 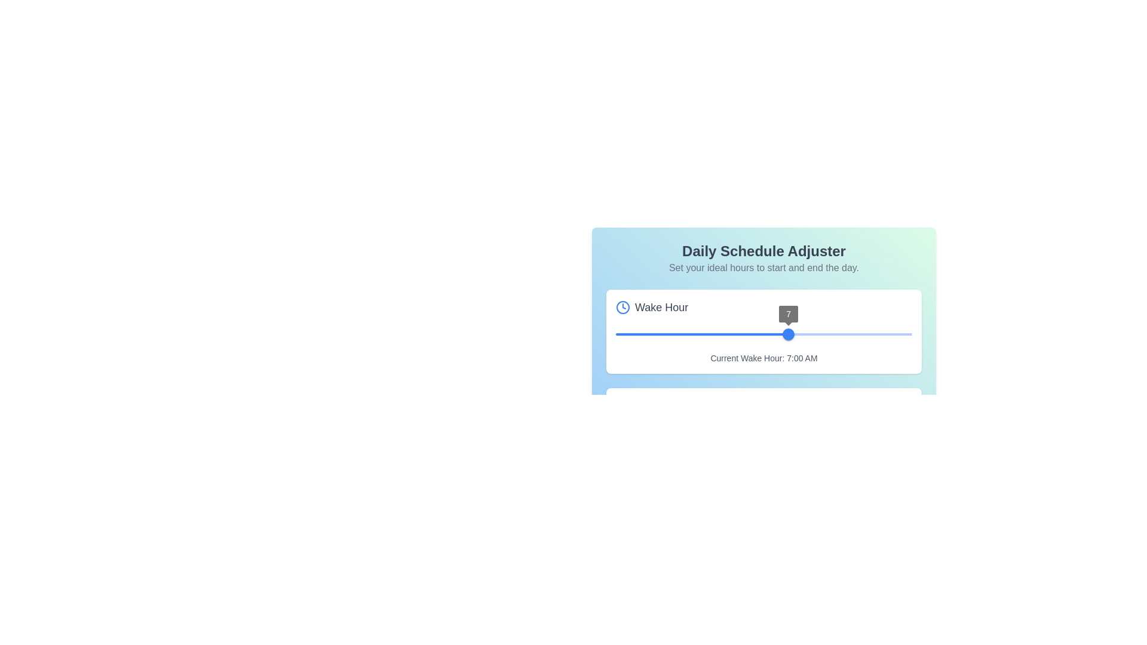 What do you see at coordinates (664, 334) in the screenshot?
I see `the wake hour` at bounding box center [664, 334].